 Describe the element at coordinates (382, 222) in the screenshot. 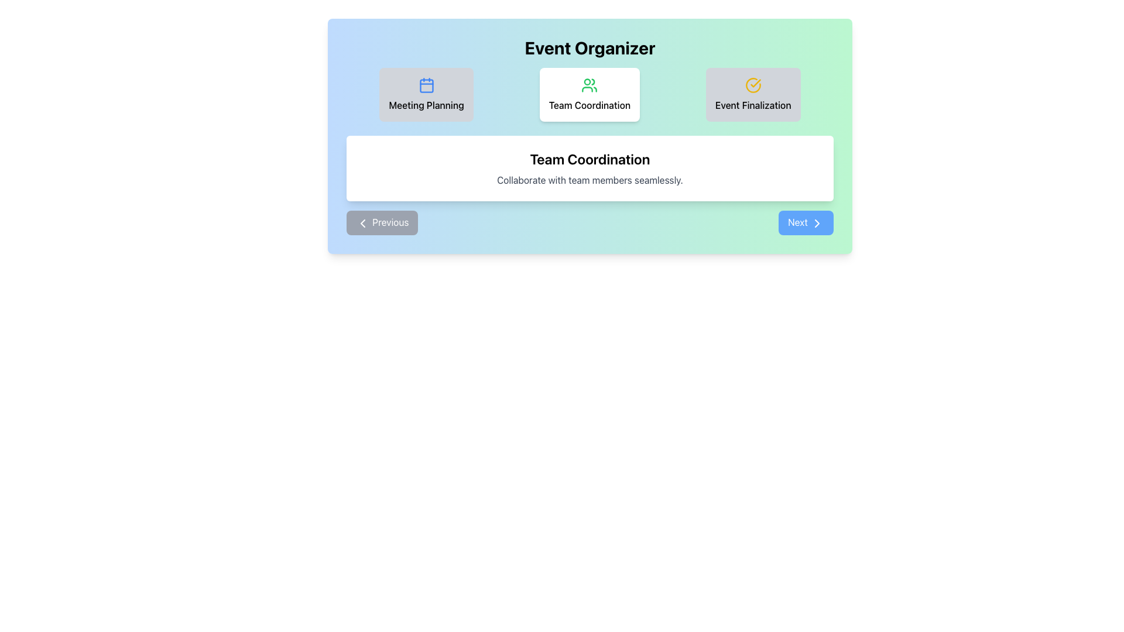

I see `the 'Previous' button located at the bottom-left section of the card layout` at that location.